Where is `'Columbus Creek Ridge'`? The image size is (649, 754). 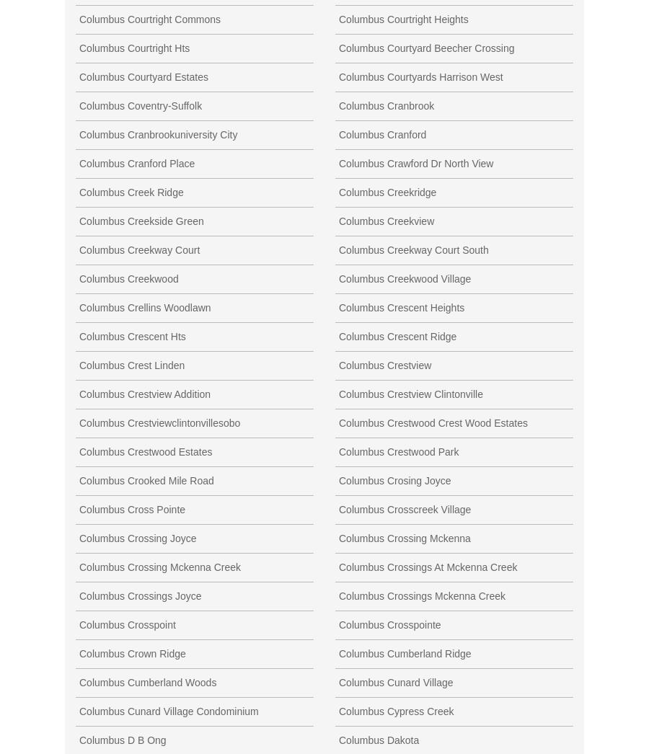 'Columbus Creek Ridge' is located at coordinates (131, 191).